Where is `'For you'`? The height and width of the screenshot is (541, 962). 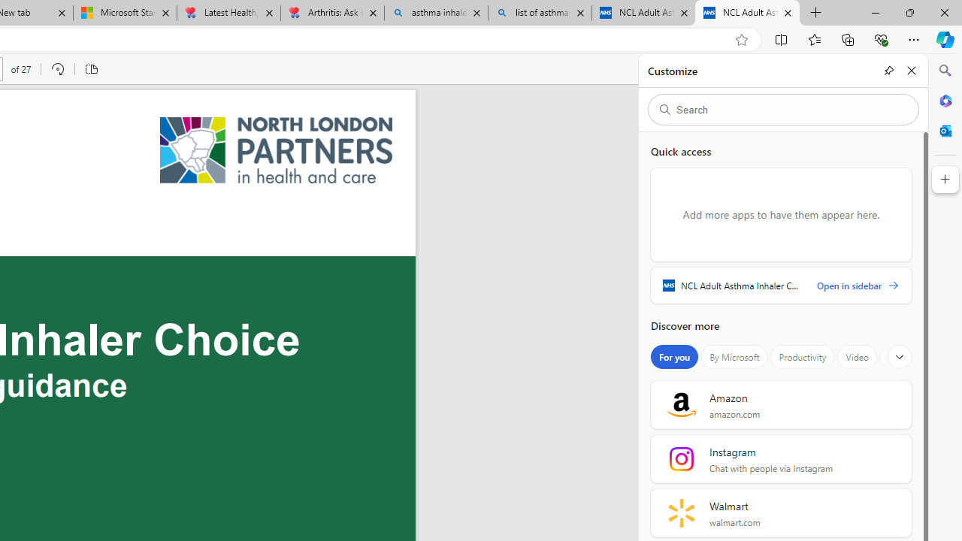
'For you' is located at coordinates (674, 357).